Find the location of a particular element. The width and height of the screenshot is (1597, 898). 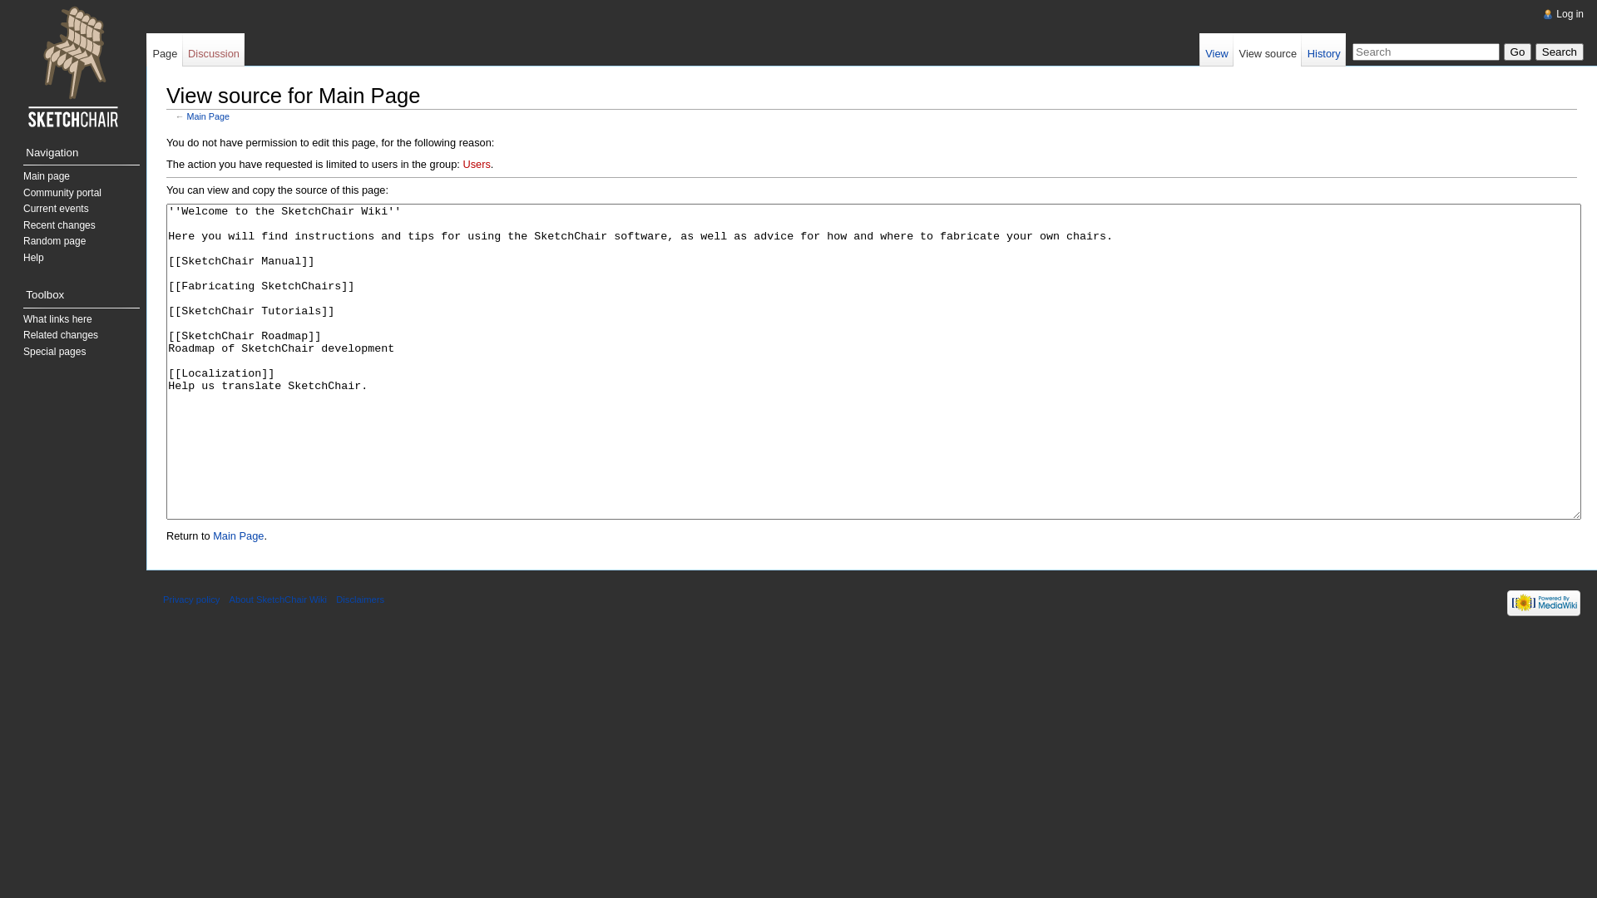

'History' is located at coordinates (1323, 49).